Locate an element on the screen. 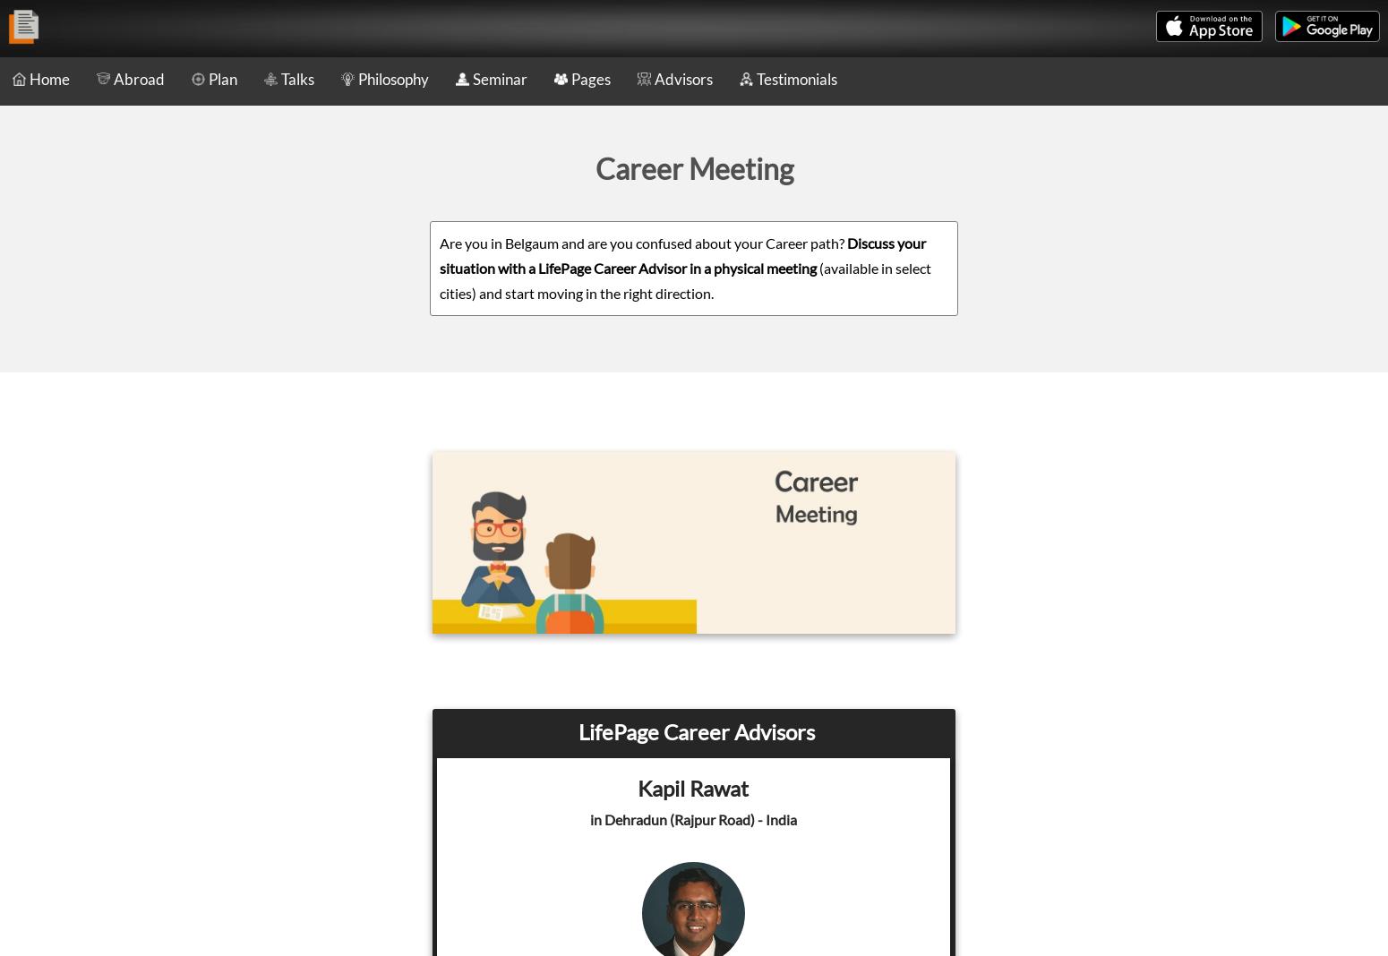  'Discuss your situation with a LifePage Career Advisor in a physical meeting' is located at coordinates (682, 253).